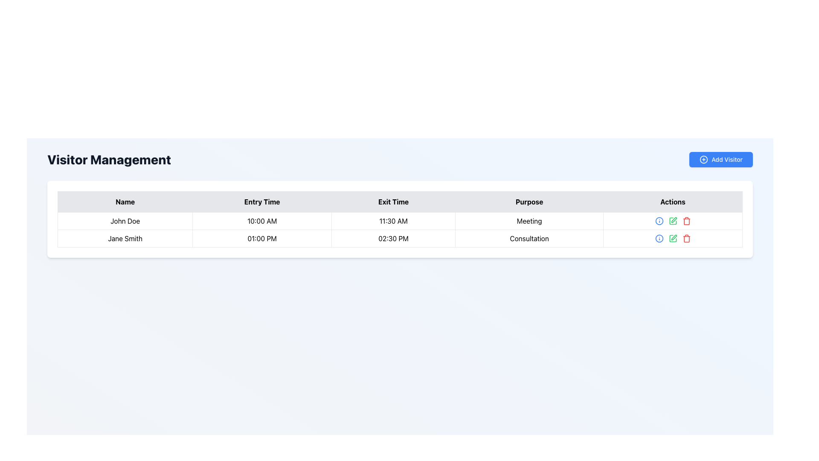  What do you see at coordinates (726, 160) in the screenshot?
I see `the button labeled 'Add Visitor', which is styled in white text on a blue background and includes an icon of a circle with a plus sign to its left, located in the upper-right corner of the page above the 'Visitor Management' table` at bounding box center [726, 160].